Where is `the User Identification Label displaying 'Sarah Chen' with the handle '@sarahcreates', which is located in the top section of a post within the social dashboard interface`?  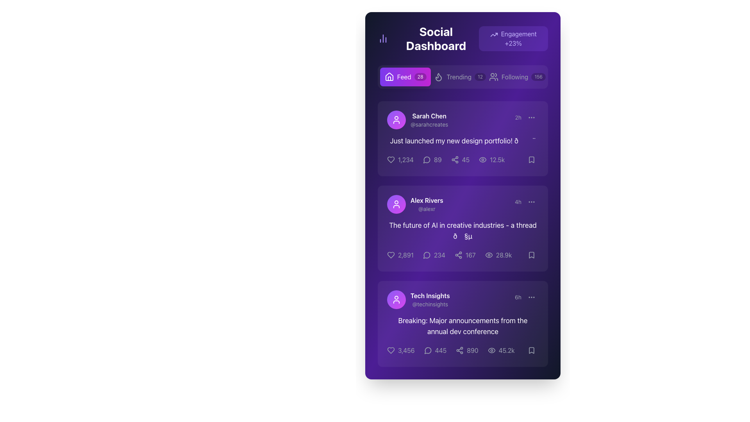 the User Identification Label displaying 'Sarah Chen' with the handle '@sarahcreates', which is located in the top section of a post within the social dashboard interface is located at coordinates (429, 120).